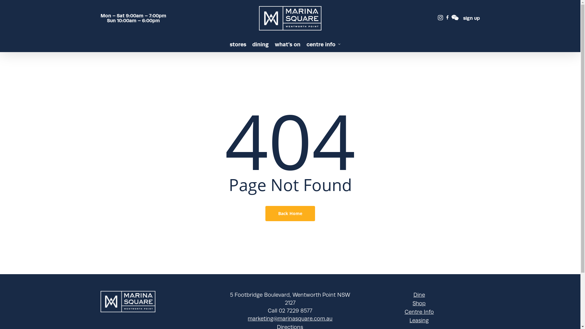  Describe the element at coordinates (247, 318) in the screenshot. I see `'marketing@marinasquare.com.au'` at that location.